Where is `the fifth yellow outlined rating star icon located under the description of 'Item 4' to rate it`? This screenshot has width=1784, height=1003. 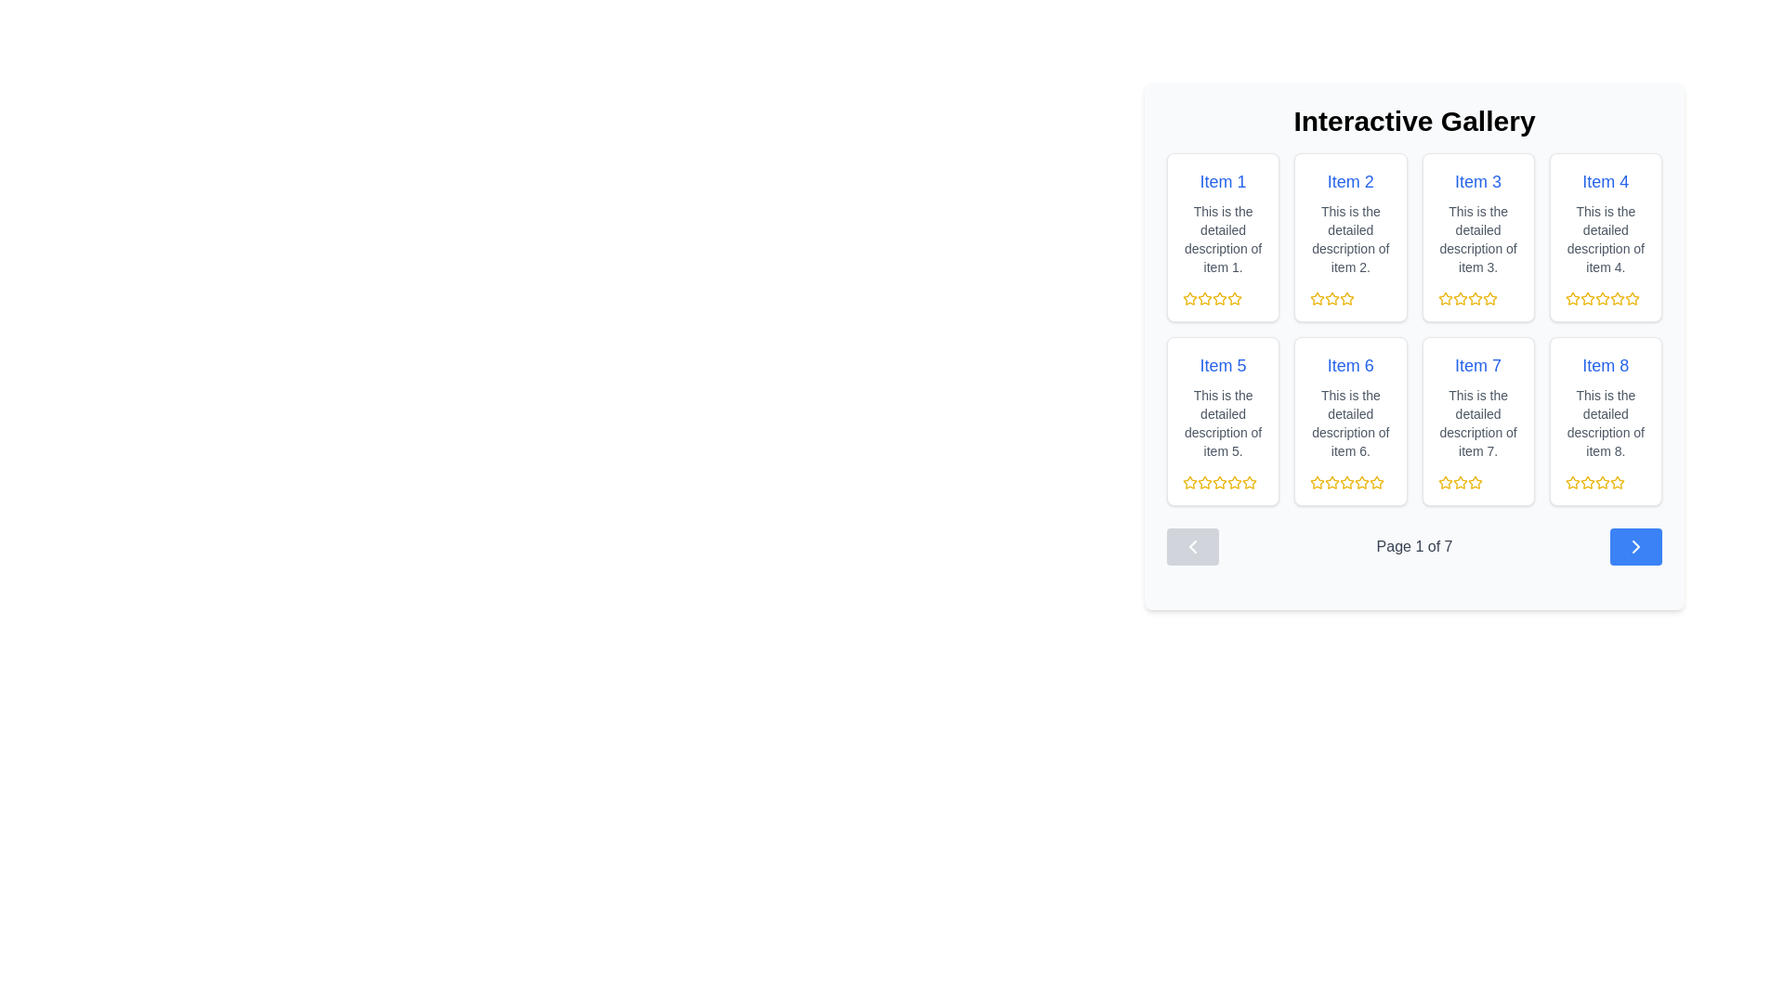
the fifth yellow outlined rating star icon located under the description of 'Item 4' to rate it is located at coordinates (1631, 297).